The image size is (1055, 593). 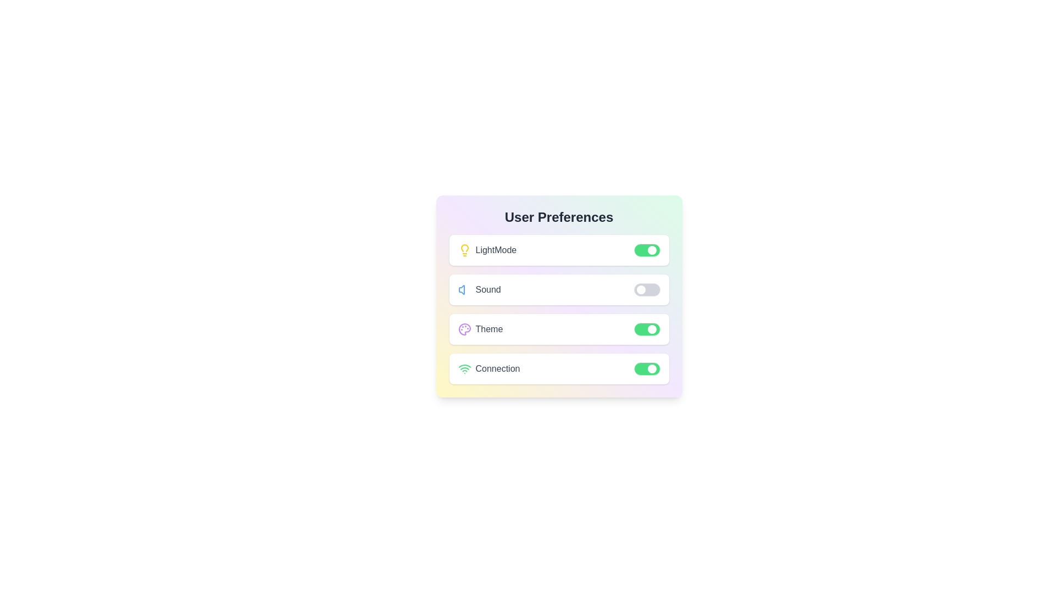 I want to click on the 'Connection' label indicating Wi-Fi or internet status, located in the 'User Preferences' panel, fourth row in the vertical list of settings items, to the left of the toggle switch button, so click(x=488, y=368).